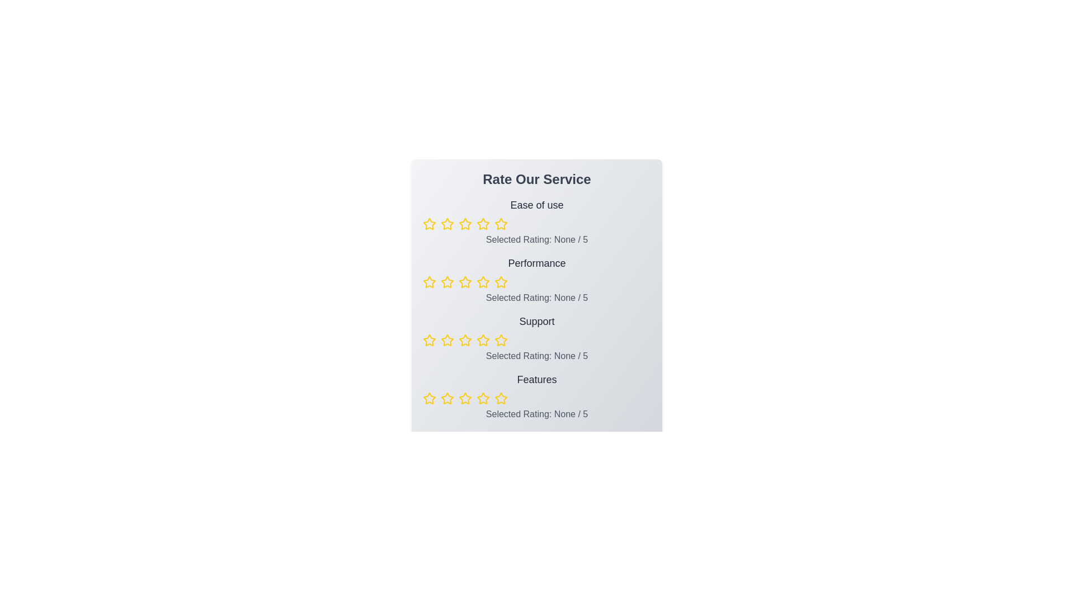 The height and width of the screenshot is (604, 1074). What do you see at coordinates (483, 224) in the screenshot?
I see `the rating for a category to 4 stars` at bounding box center [483, 224].